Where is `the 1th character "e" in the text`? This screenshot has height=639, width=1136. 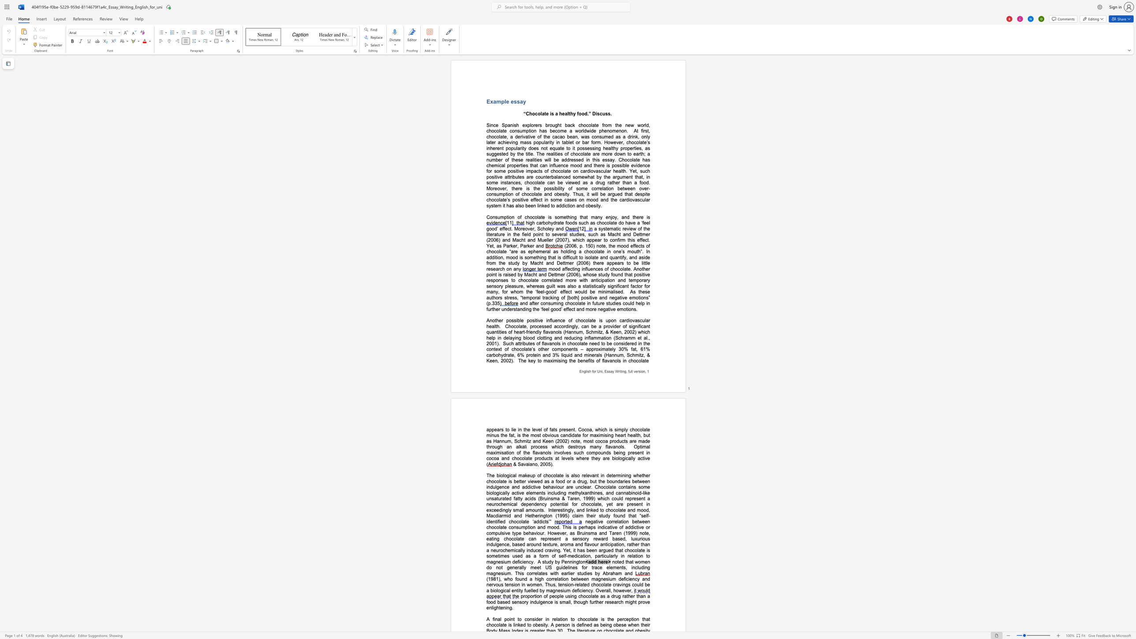 the 1th character "e" in the text is located at coordinates (543, 217).